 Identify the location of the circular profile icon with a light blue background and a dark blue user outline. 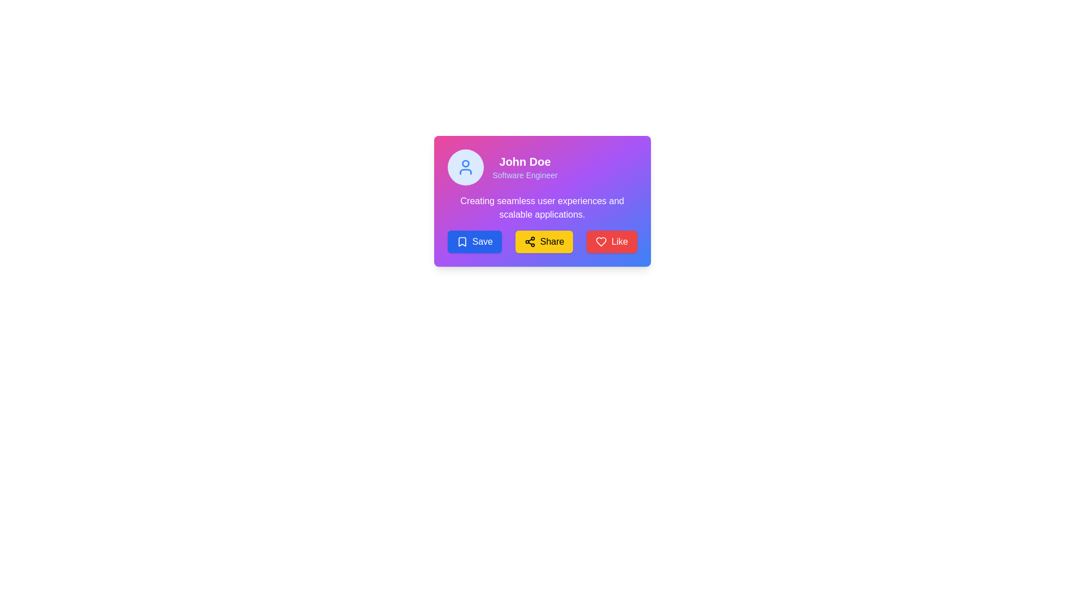
(465, 167).